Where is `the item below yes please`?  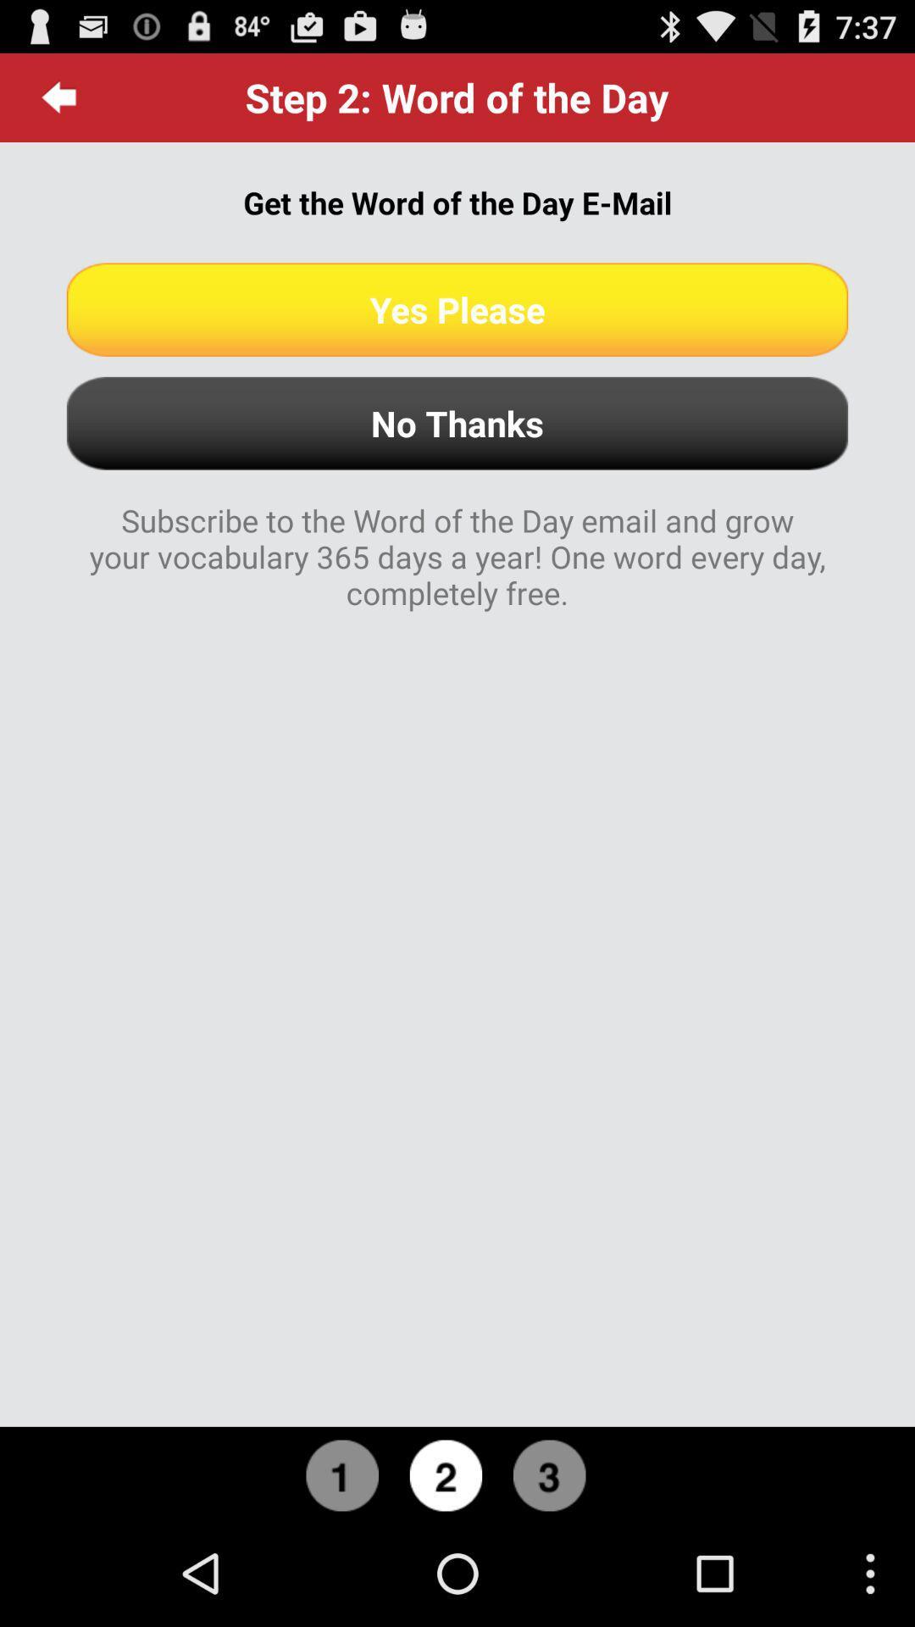
the item below yes please is located at coordinates (457, 423).